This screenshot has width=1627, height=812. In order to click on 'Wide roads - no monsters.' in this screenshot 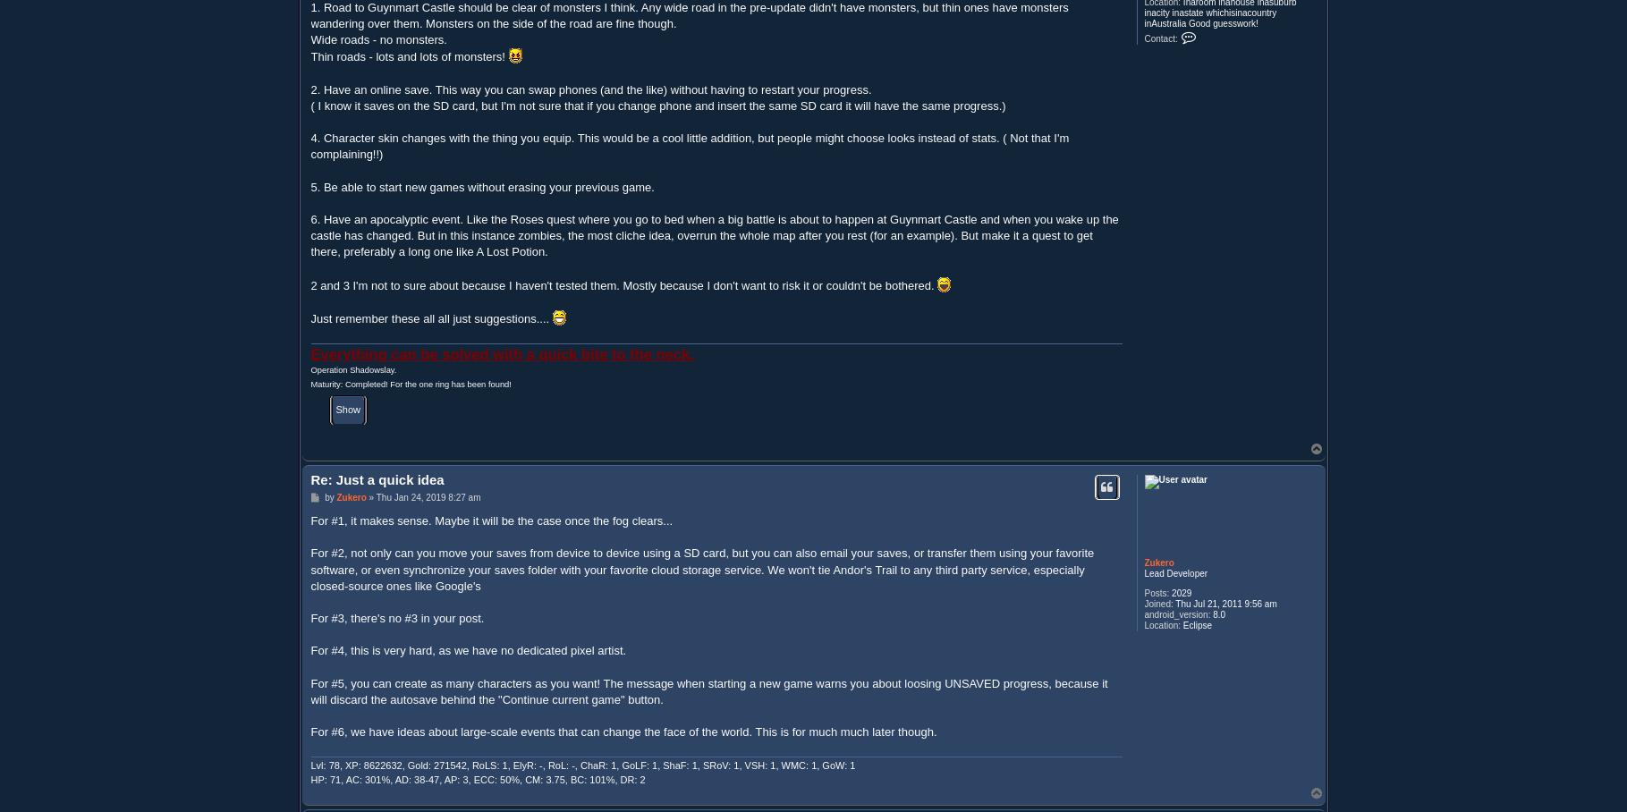, I will do `click(377, 38)`.